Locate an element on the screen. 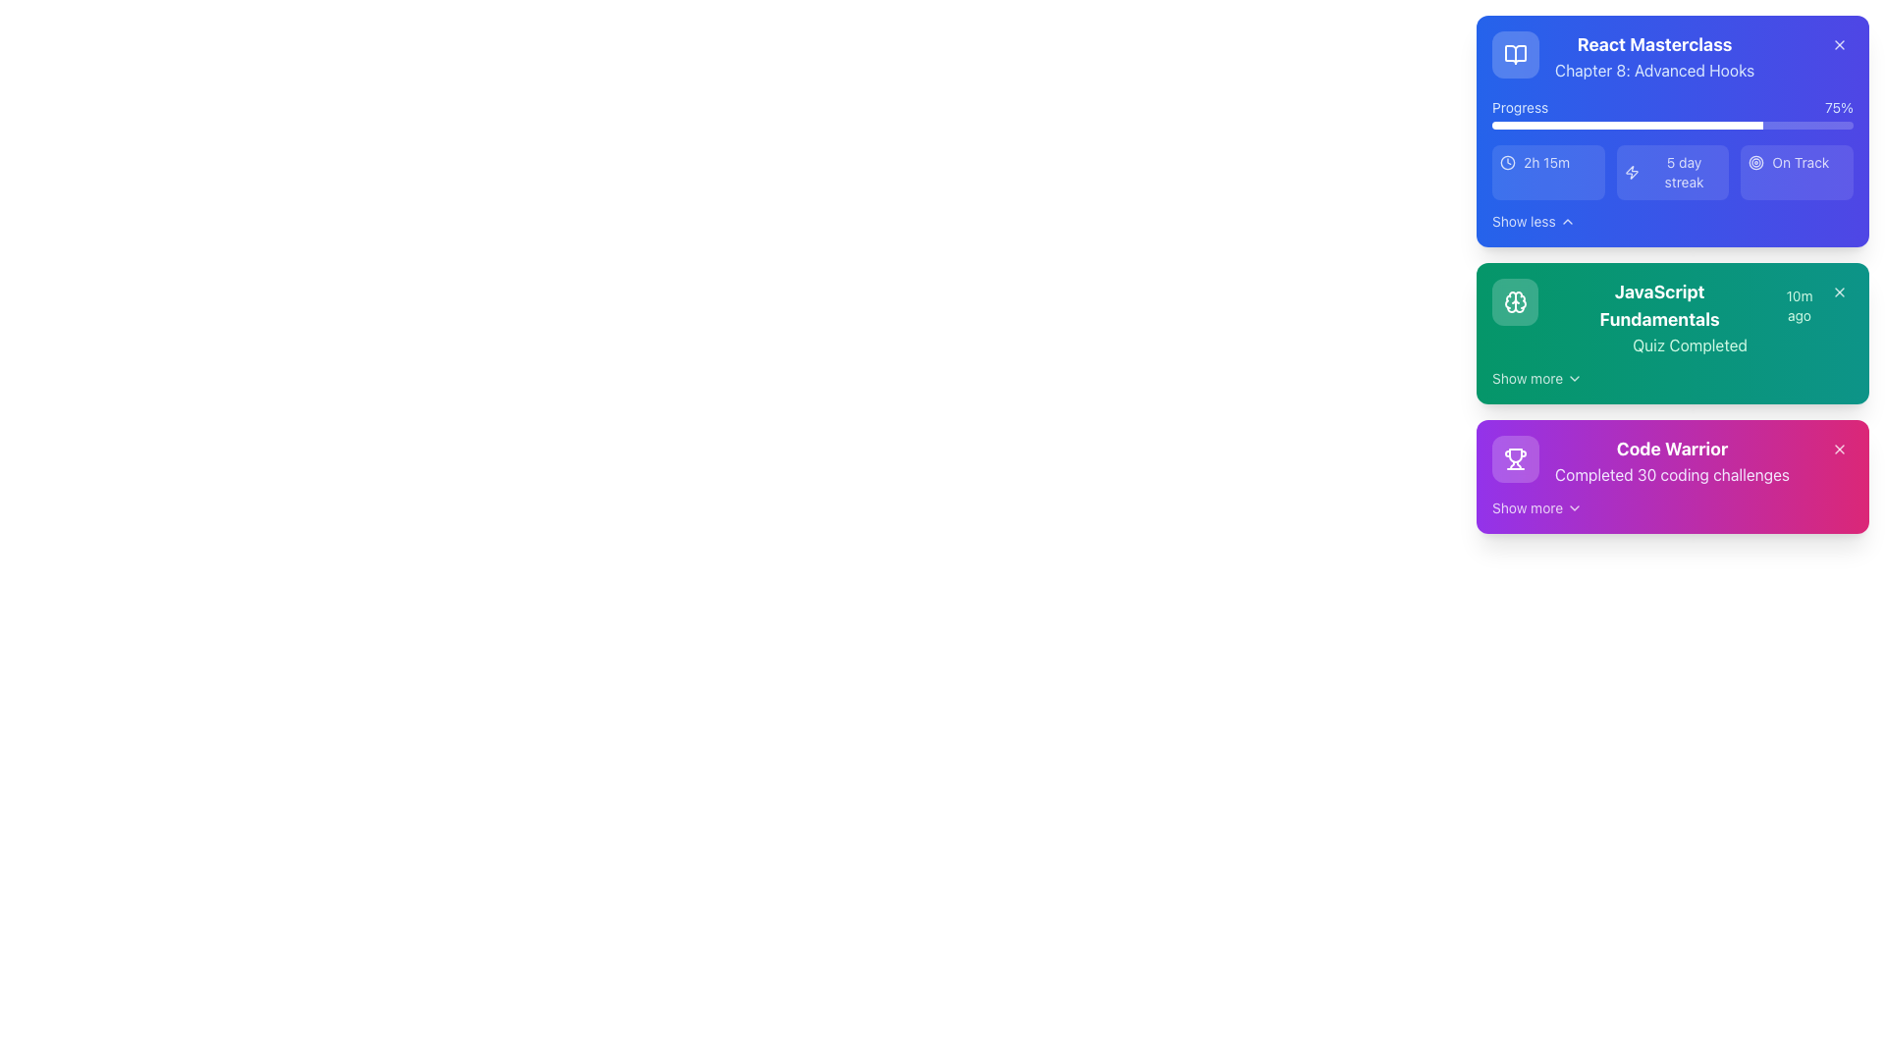 This screenshot has width=1885, height=1060. the close button styled as an 'X' icon located in the top-right corner of the 'React Masterclass: Chapter 8: Advanced Hooks' card is located at coordinates (1838, 44).